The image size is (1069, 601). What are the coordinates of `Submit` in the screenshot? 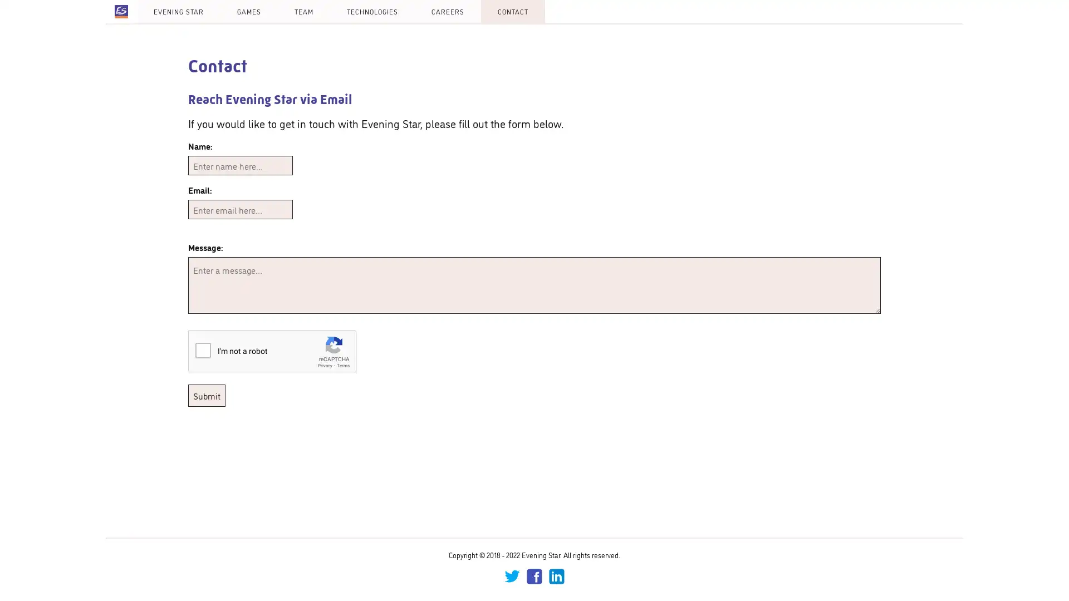 It's located at (207, 395).